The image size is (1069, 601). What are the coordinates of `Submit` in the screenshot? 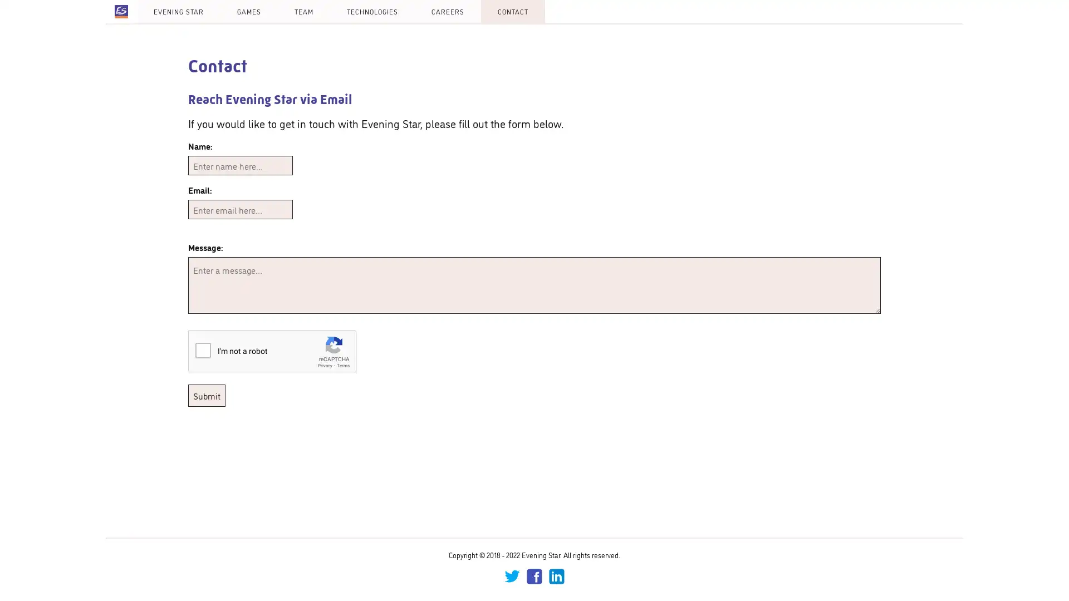 It's located at (207, 395).